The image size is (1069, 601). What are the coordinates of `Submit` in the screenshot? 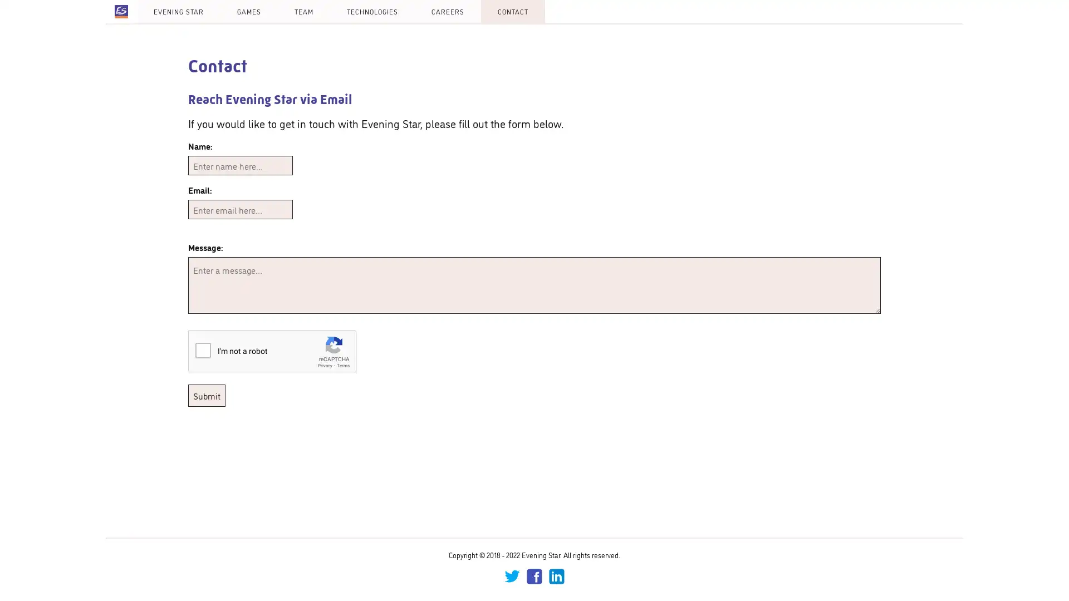 It's located at (207, 395).